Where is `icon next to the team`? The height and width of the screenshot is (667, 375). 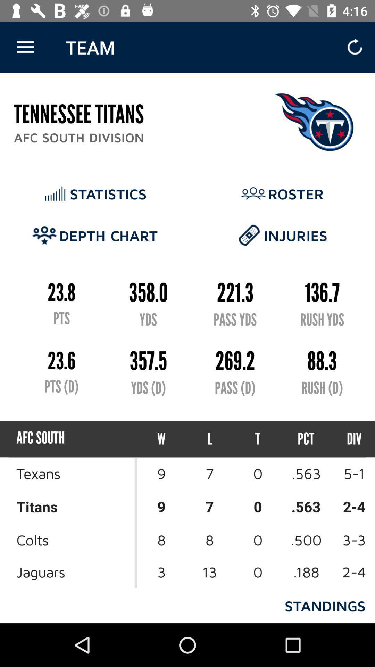 icon next to the team is located at coordinates (25, 47).